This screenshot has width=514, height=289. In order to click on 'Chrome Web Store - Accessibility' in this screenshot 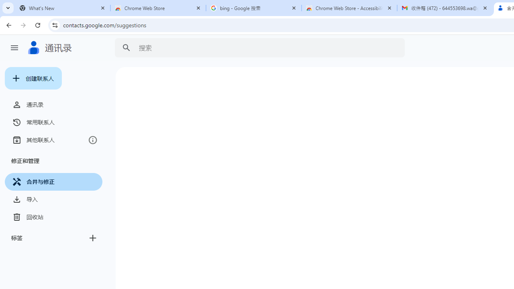, I will do `click(349, 8)`.